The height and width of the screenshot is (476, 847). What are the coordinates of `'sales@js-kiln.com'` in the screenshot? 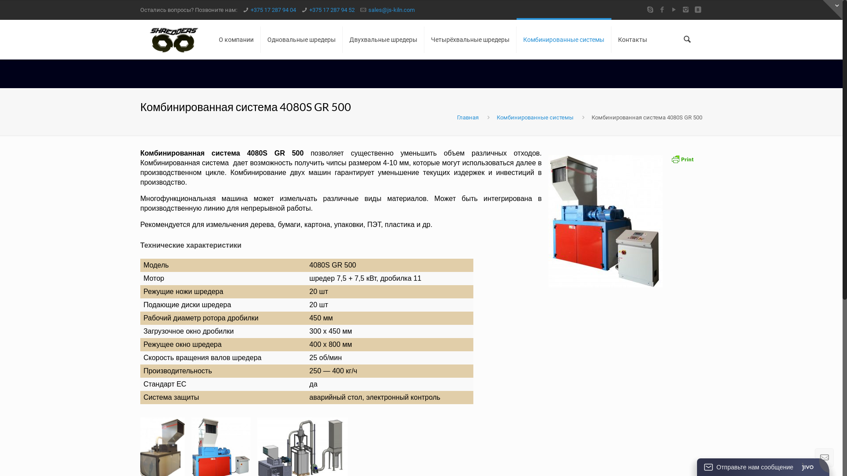 It's located at (368, 10).